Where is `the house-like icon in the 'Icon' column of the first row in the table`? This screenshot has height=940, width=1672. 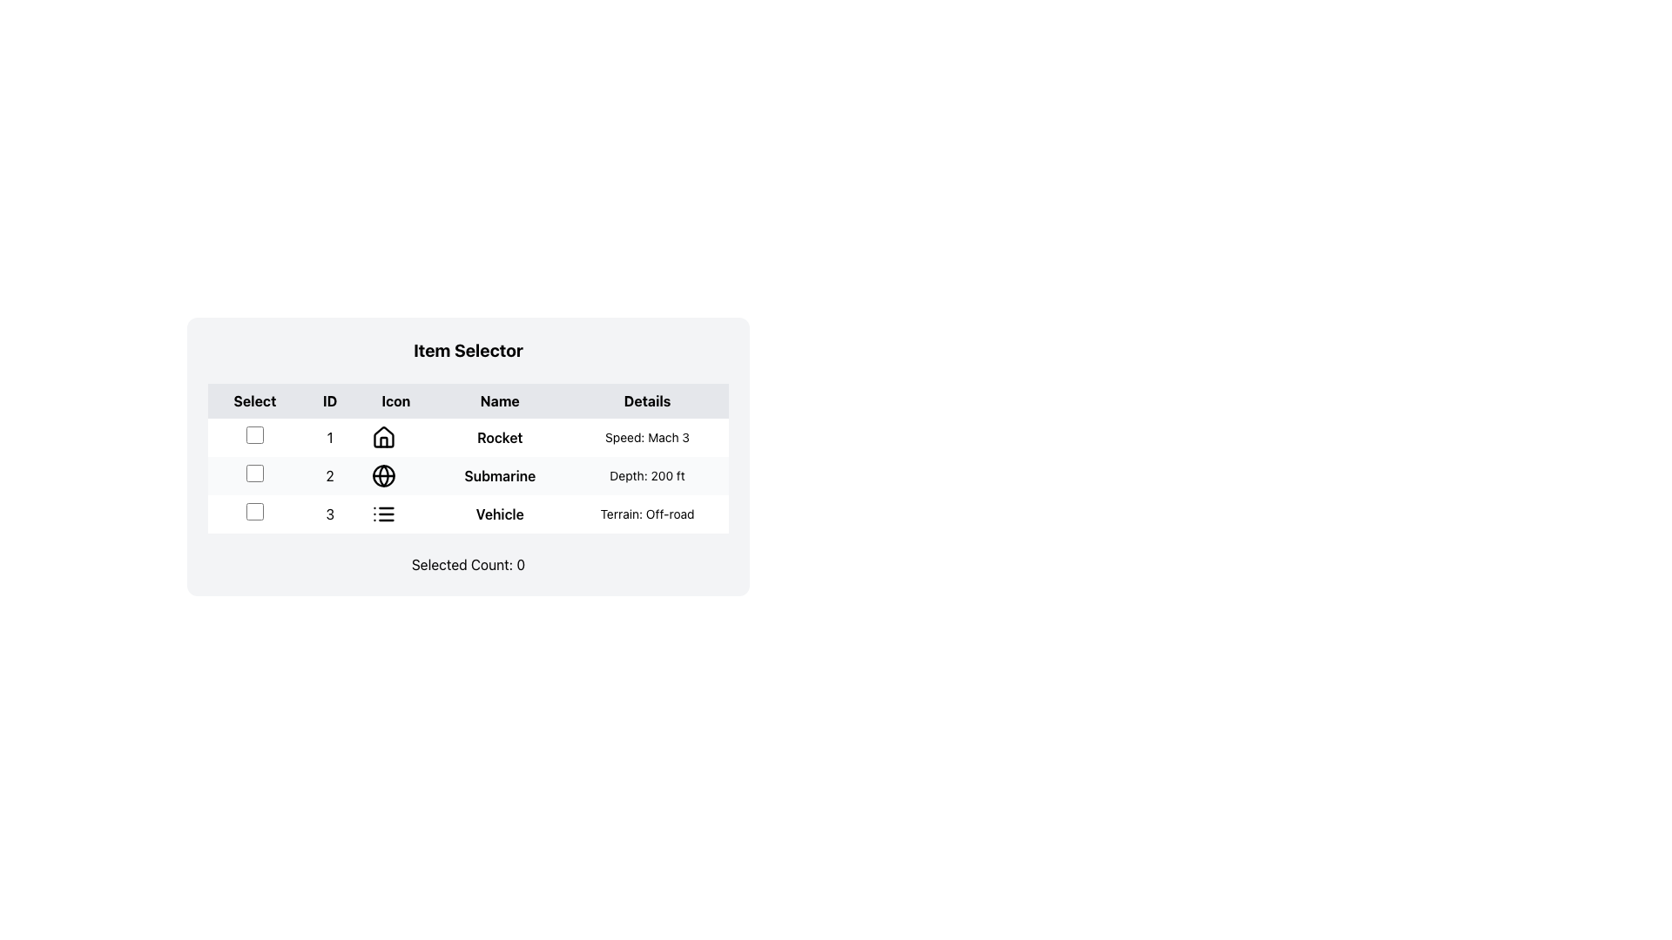 the house-like icon in the 'Icon' column of the first row in the table is located at coordinates (383, 441).